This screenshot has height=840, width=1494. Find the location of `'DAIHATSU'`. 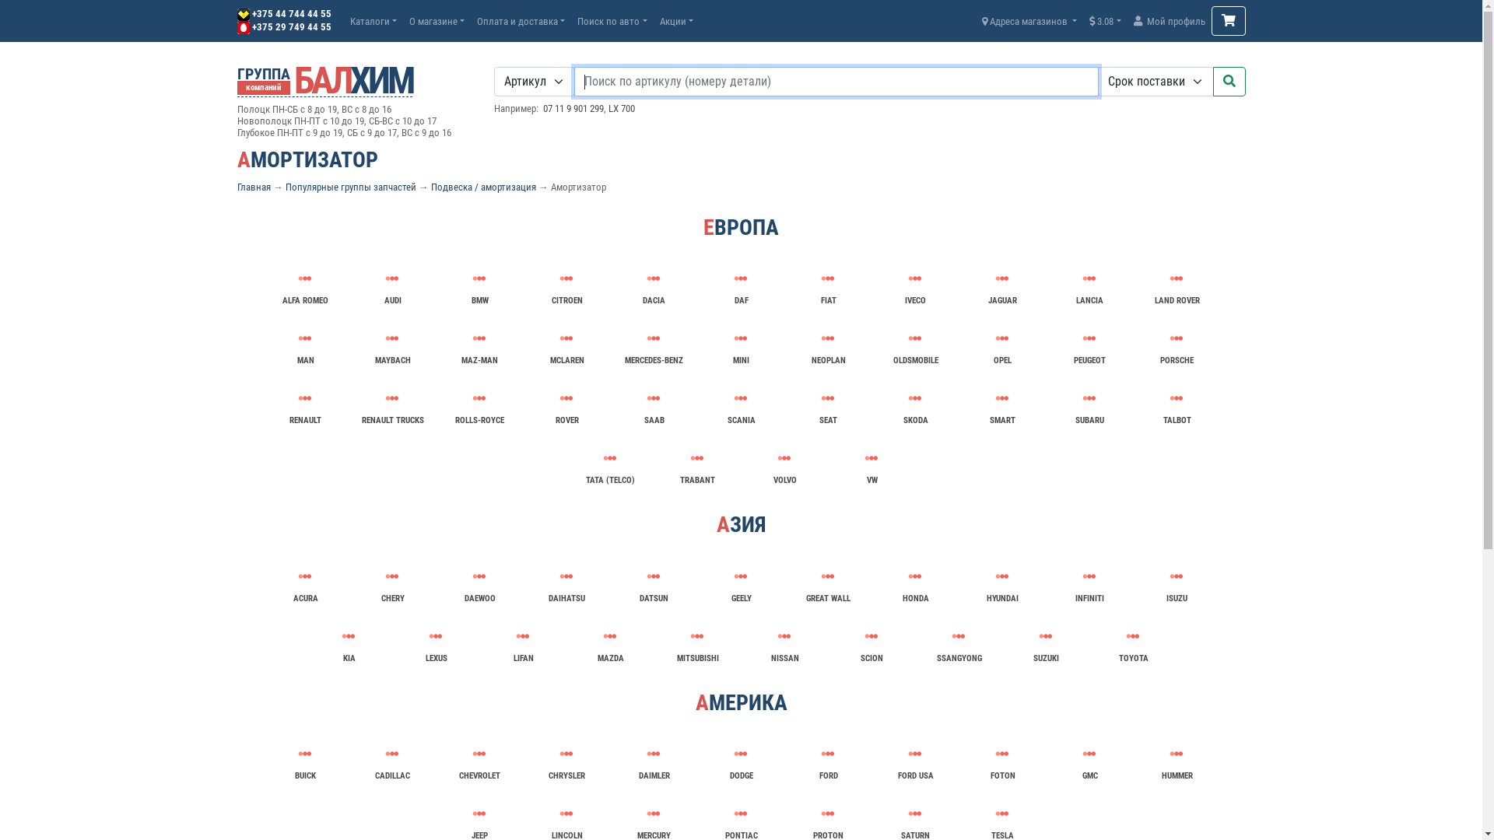

'DAIHATSU' is located at coordinates (566, 582).